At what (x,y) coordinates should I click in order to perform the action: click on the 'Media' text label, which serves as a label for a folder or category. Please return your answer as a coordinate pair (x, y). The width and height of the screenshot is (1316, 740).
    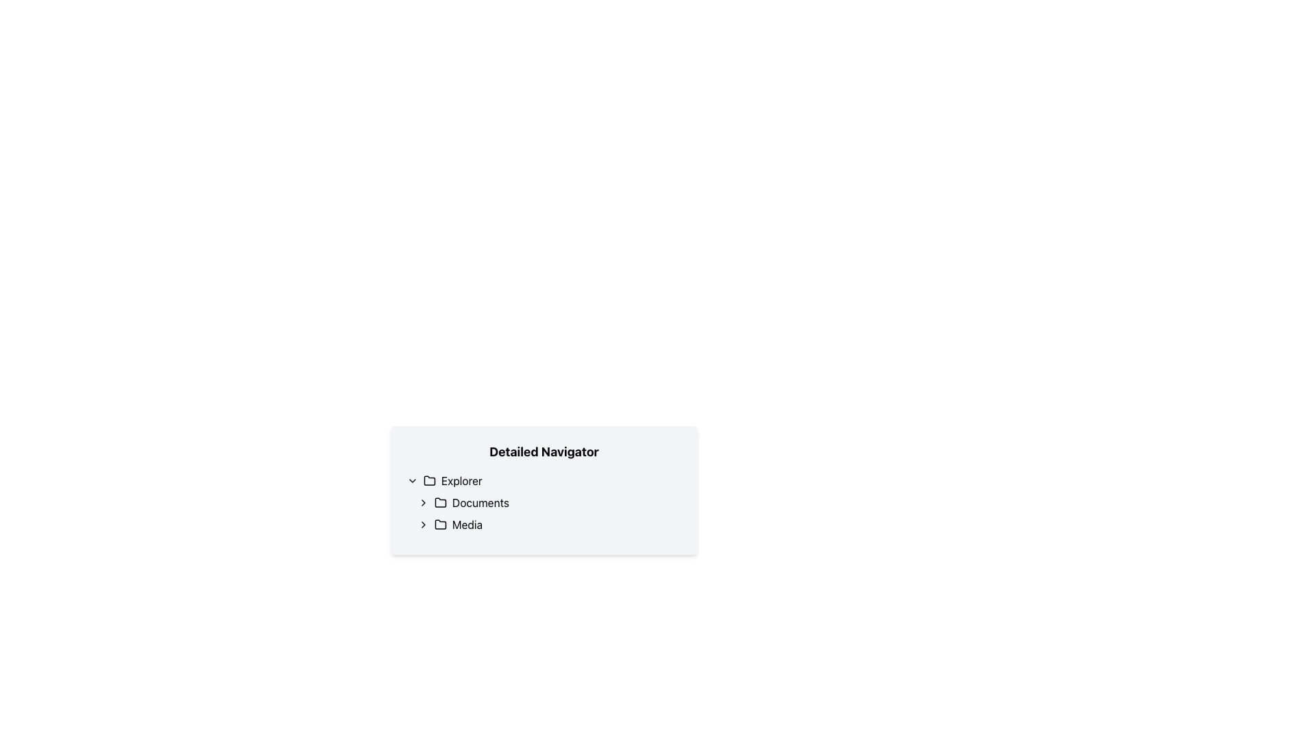
    Looking at the image, I should click on (467, 524).